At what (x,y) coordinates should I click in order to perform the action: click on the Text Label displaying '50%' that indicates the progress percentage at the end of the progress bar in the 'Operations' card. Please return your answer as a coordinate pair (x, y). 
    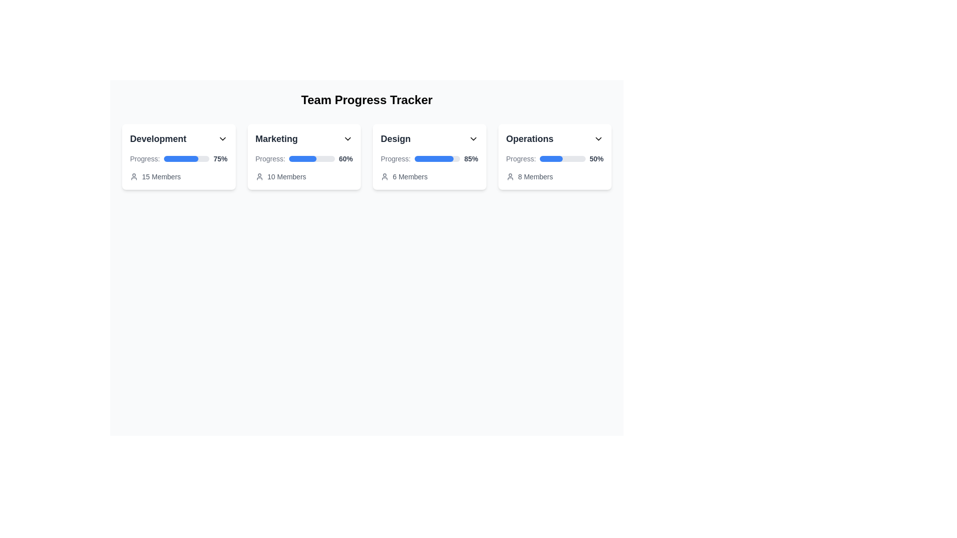
    Looking at the image, I should click on (596, 158).